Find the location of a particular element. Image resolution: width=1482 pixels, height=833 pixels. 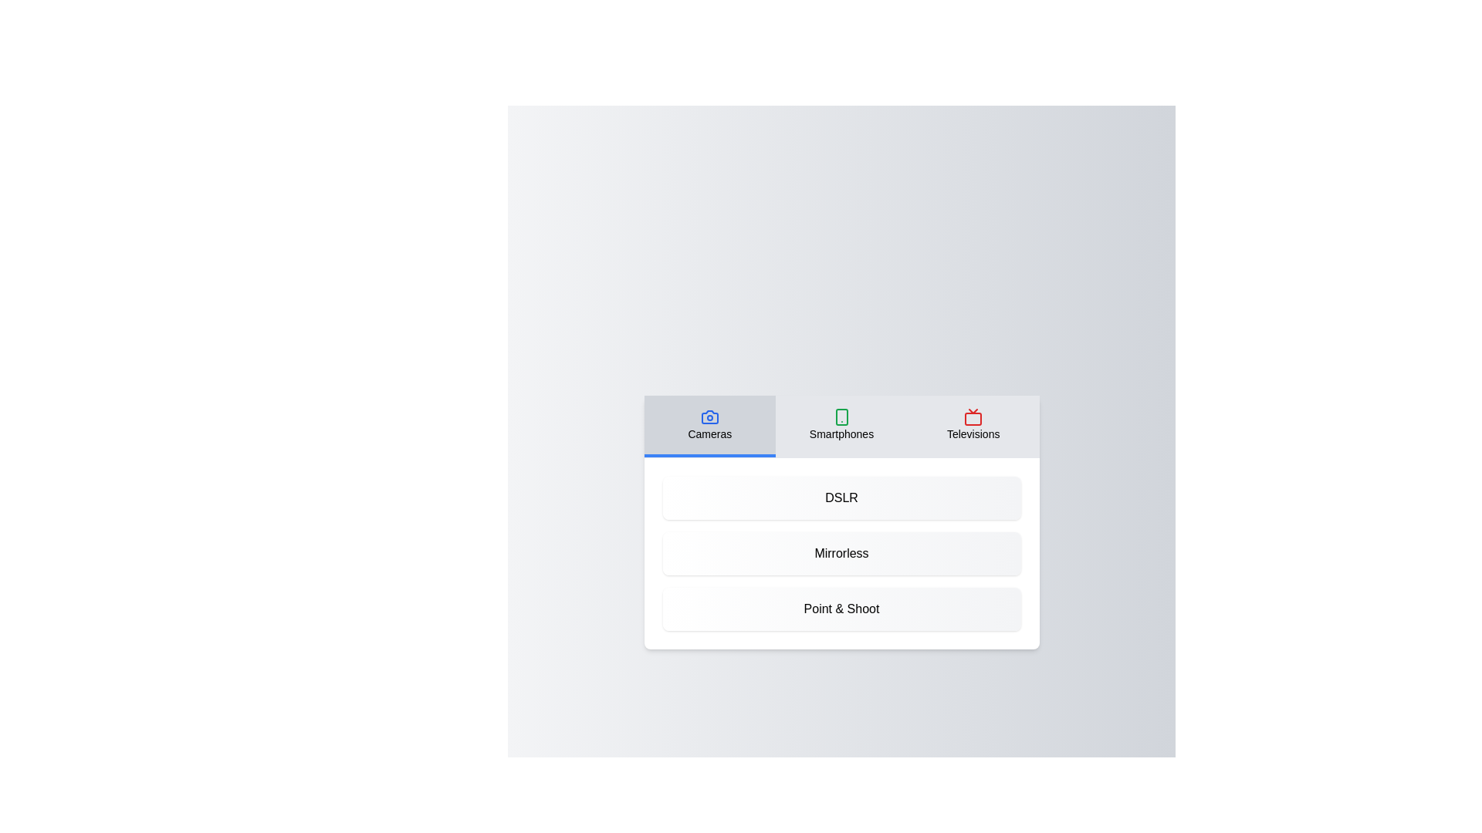

the Smartphones tab by clicking on it is located at coordinates (841, 426).